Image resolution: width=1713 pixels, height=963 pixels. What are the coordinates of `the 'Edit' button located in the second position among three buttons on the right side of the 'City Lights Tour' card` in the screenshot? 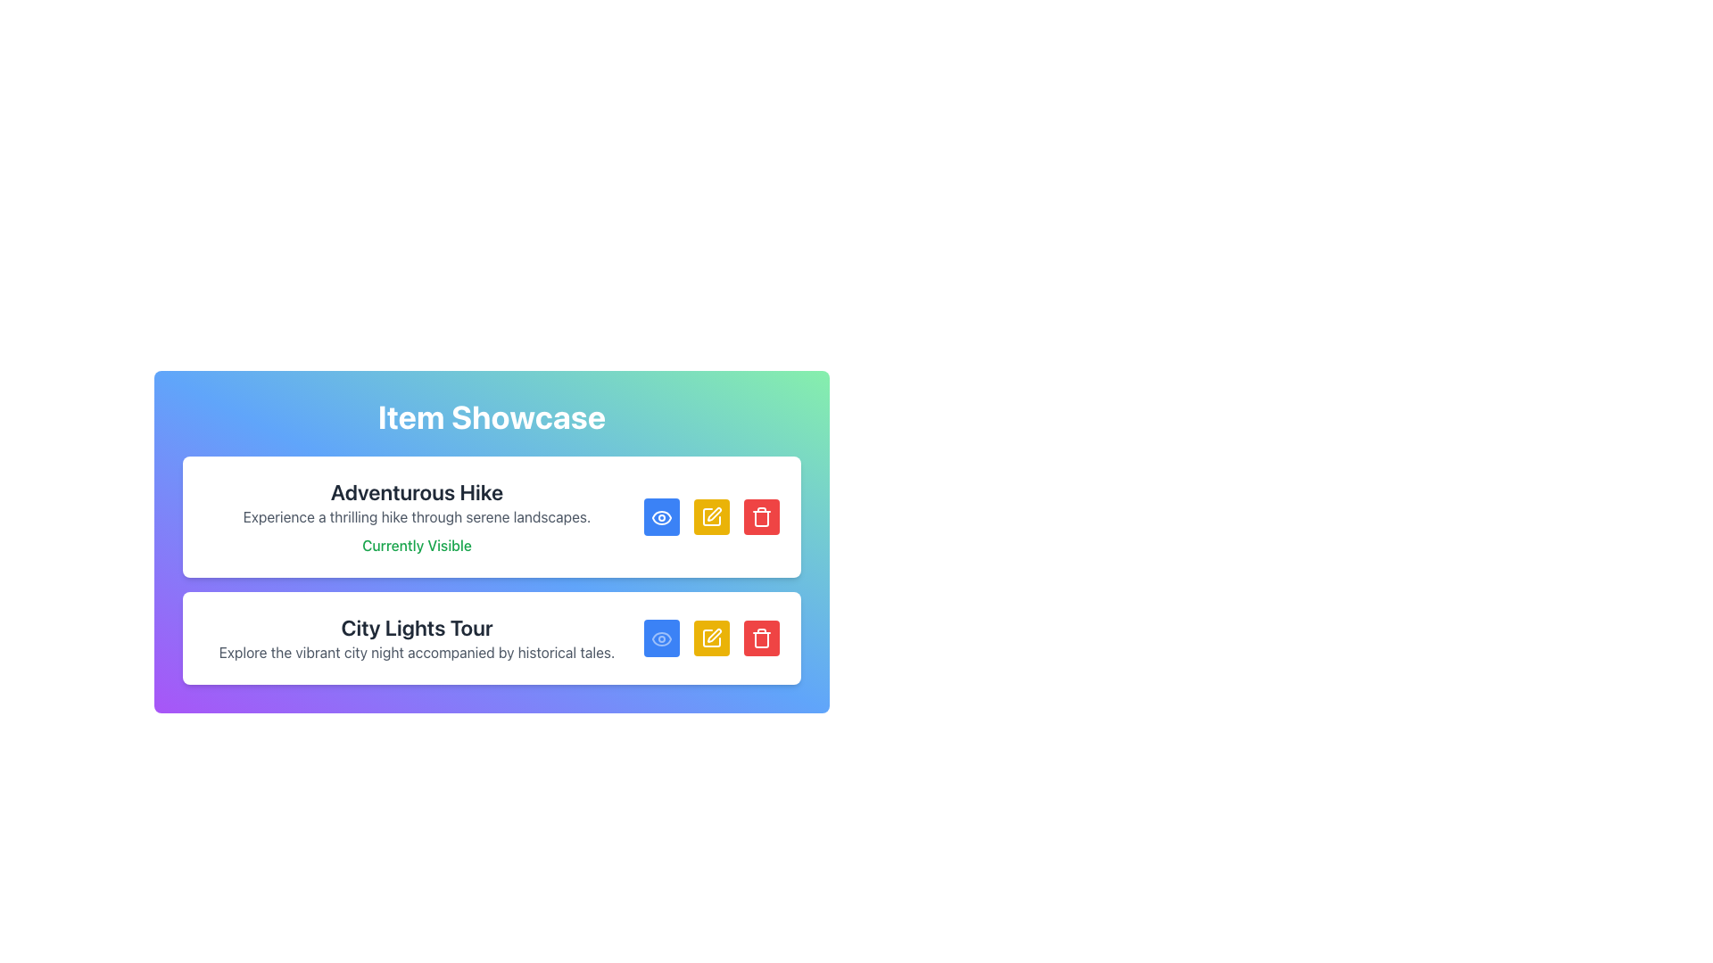 It's located at (710, 638).